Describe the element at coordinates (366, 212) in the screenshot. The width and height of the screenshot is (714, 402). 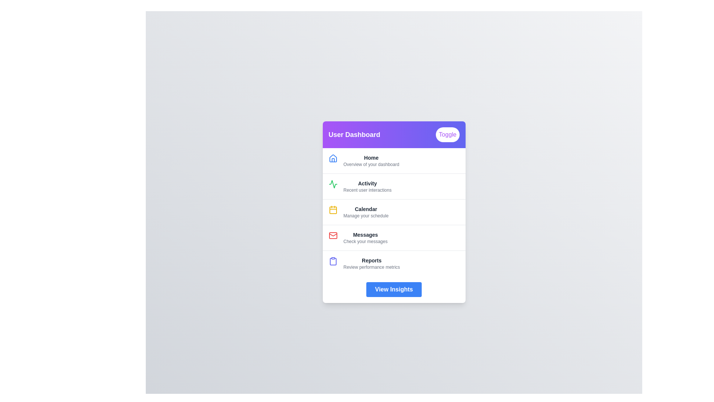
I see `the menu item corresponding to Calendar` at that location.